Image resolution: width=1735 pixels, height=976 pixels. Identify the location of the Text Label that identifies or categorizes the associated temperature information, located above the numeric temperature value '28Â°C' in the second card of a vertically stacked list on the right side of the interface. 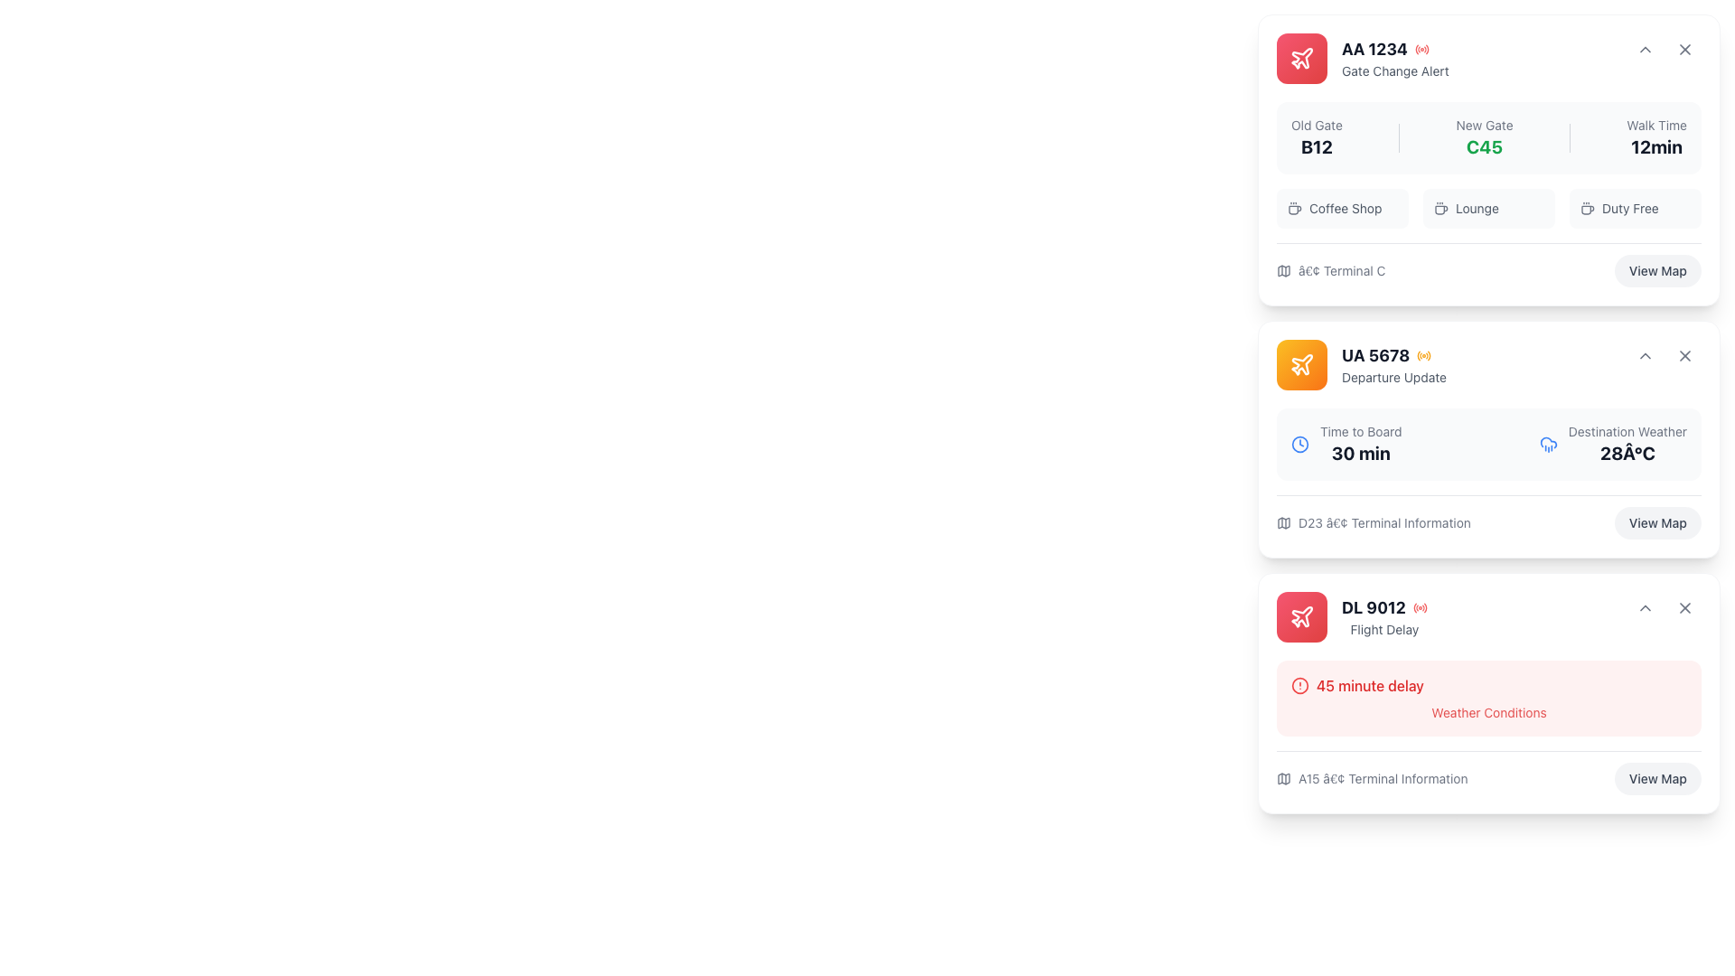
(1627, 432).